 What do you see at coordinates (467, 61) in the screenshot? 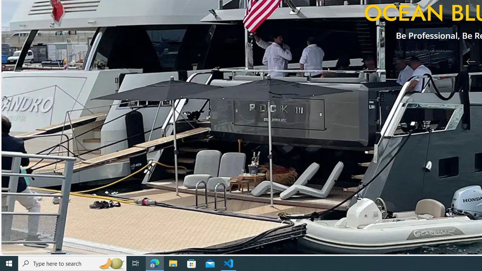
I see `'Previous Slide'` at bounding box center [467, 61].